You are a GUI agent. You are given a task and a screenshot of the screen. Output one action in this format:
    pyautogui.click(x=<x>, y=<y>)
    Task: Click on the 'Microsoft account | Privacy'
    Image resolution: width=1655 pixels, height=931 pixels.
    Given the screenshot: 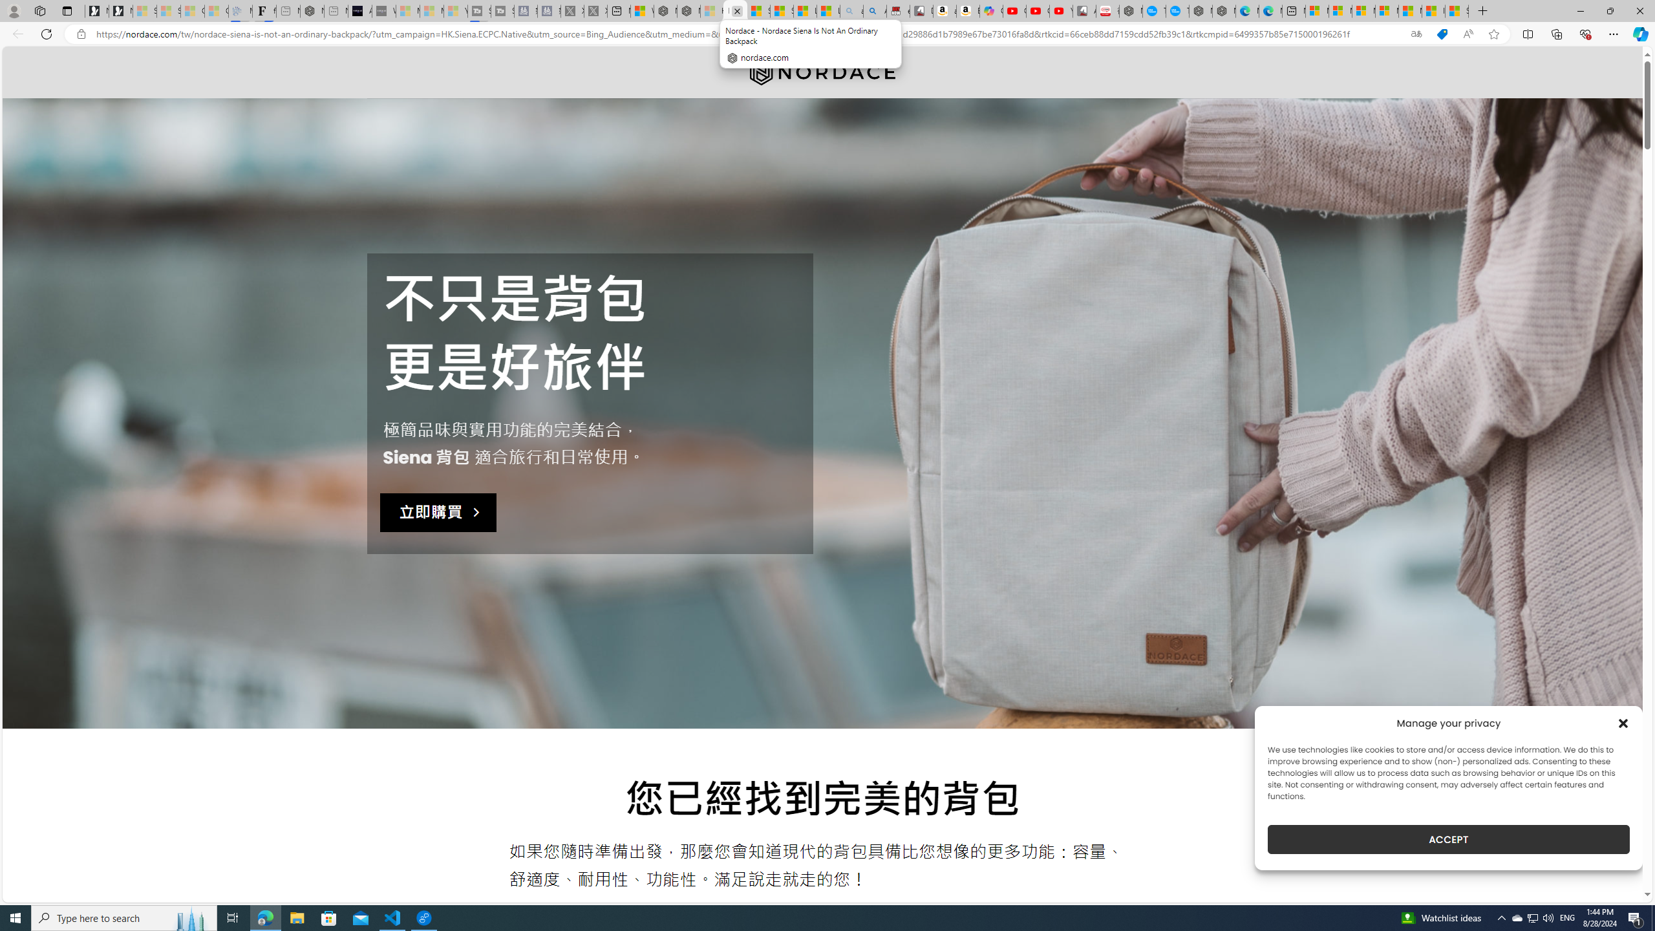 What is the action you would take?
    pyautogui.click(x=1386, y=10)
    